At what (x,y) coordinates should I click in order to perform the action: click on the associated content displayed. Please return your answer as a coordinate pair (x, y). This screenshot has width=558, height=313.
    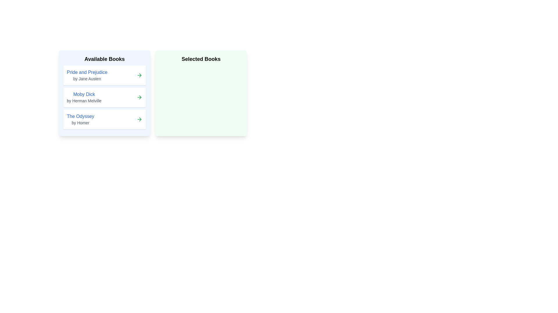
    Looking at the image, I should click on (84, 97).